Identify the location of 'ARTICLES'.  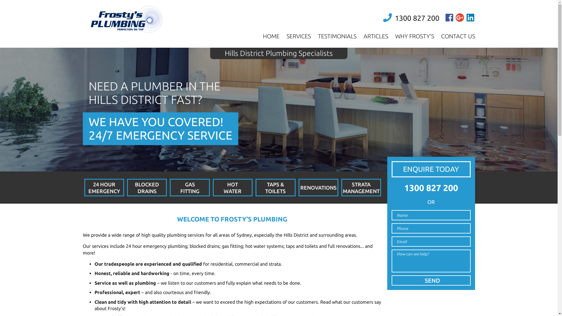
(376, 36).